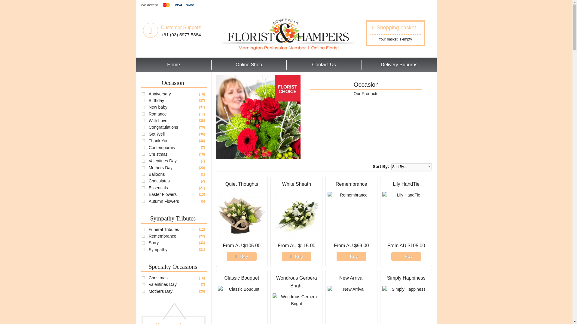 The width and height of the screenshot is (577, 324). What do you see at coordinates (148, 277) in the screenshot?
I see `'Christmas` at bounding box center [148, 277].